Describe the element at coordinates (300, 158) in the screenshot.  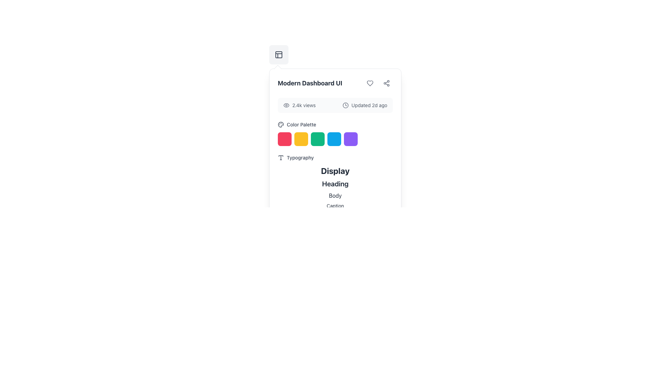
I see `the 'Typography' label, which is centrally located below the 'Color Palette' section and above the font display texts` at that location.